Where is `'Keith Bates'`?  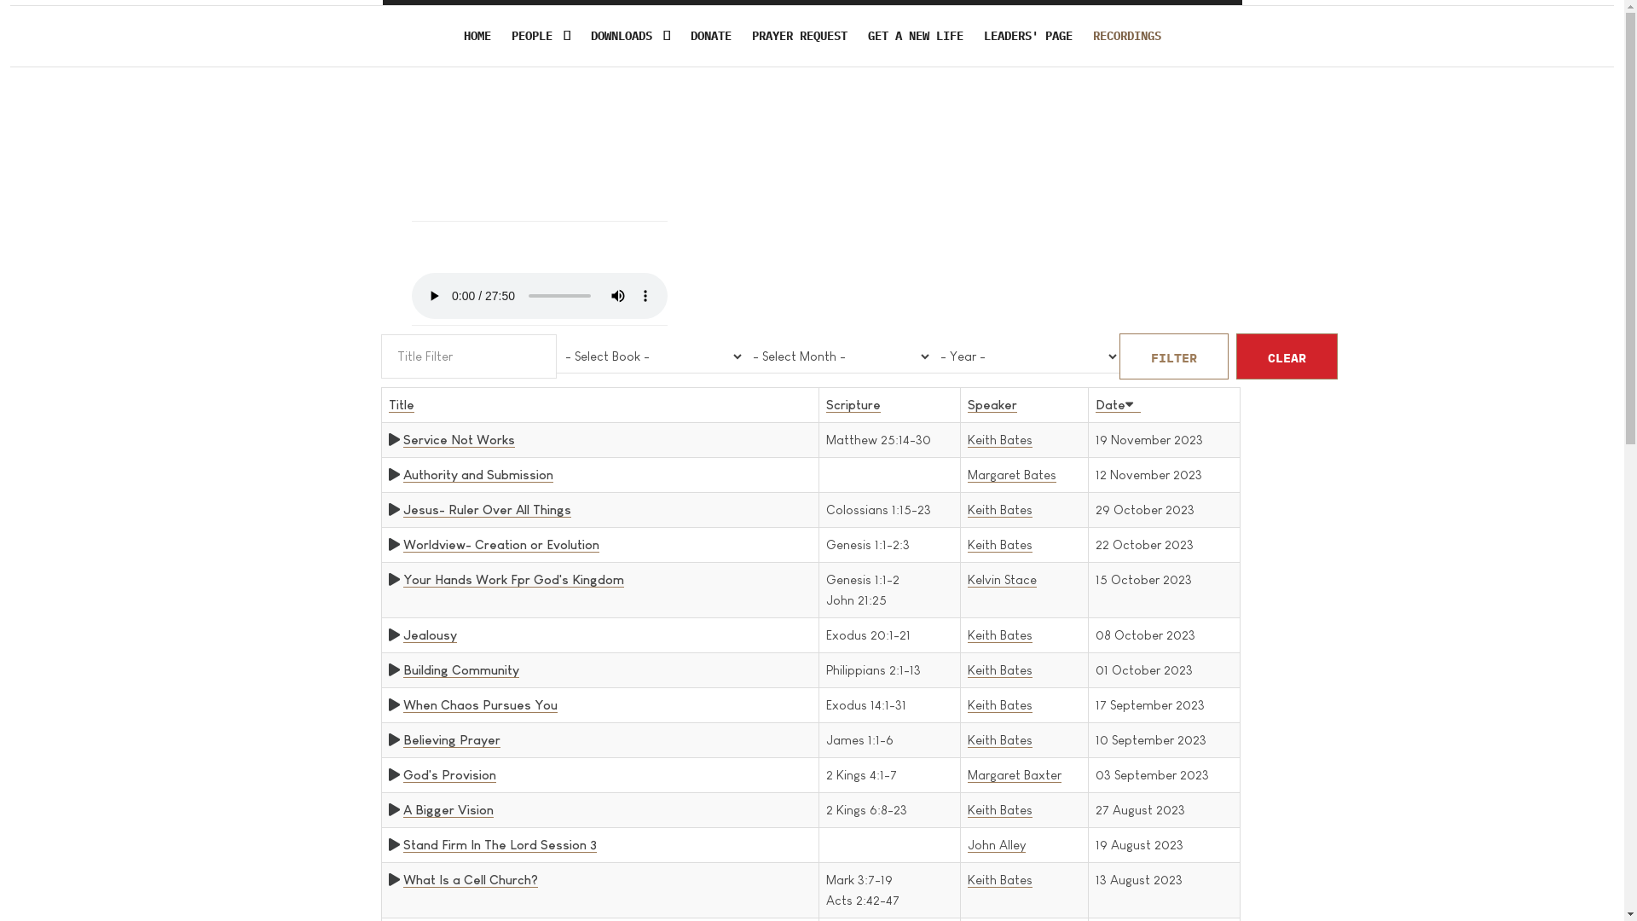 'Keith Bates' is located at coordinates (967, 739).